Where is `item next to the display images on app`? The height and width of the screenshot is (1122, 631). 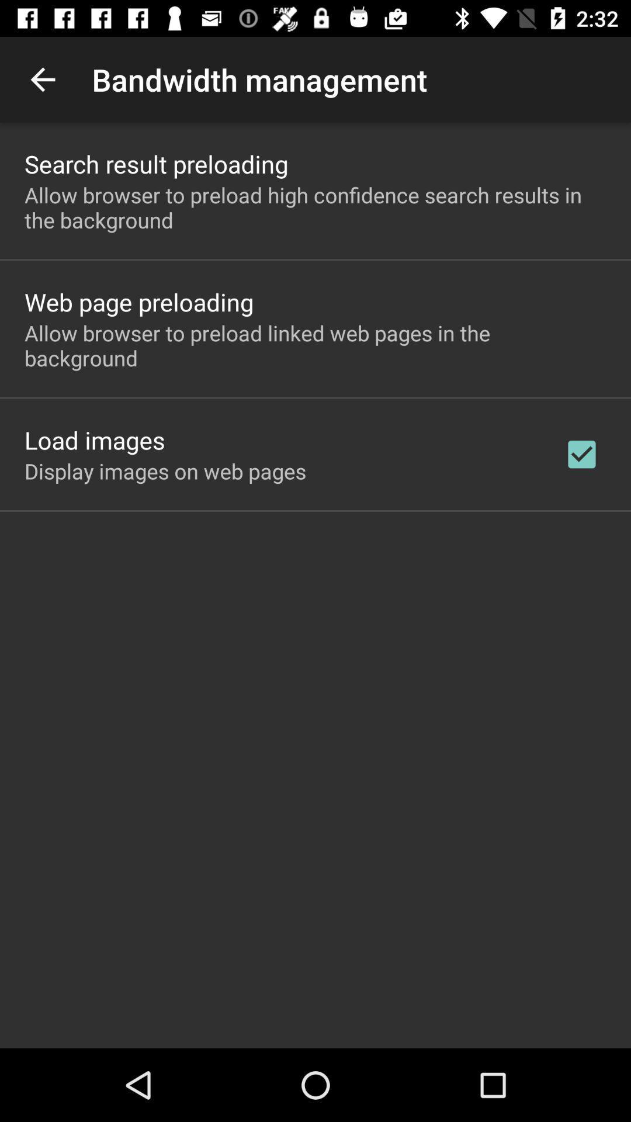 item next to the display images on app is located at coordinates (581, 453).